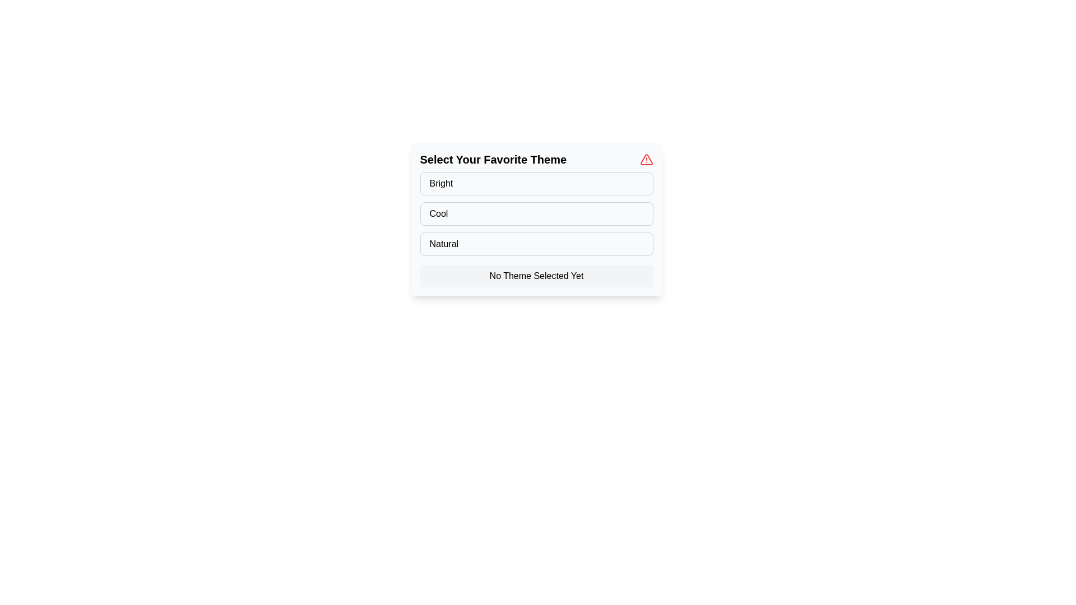  Describe the element at coordinates (536, 220) in the screenshot. I see `the 'Cool' option in the Theme selection panel` at that location.